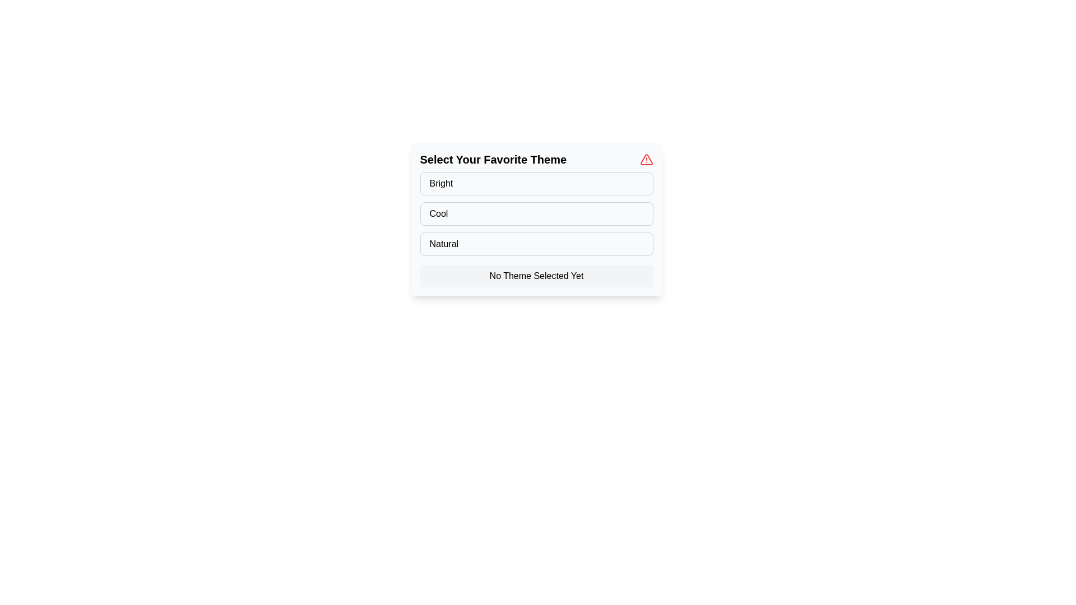  Describe the element at coordinates (536, 220) in the screenshot. I see `the 'Cool' option in the Theme selection panel` at that location.